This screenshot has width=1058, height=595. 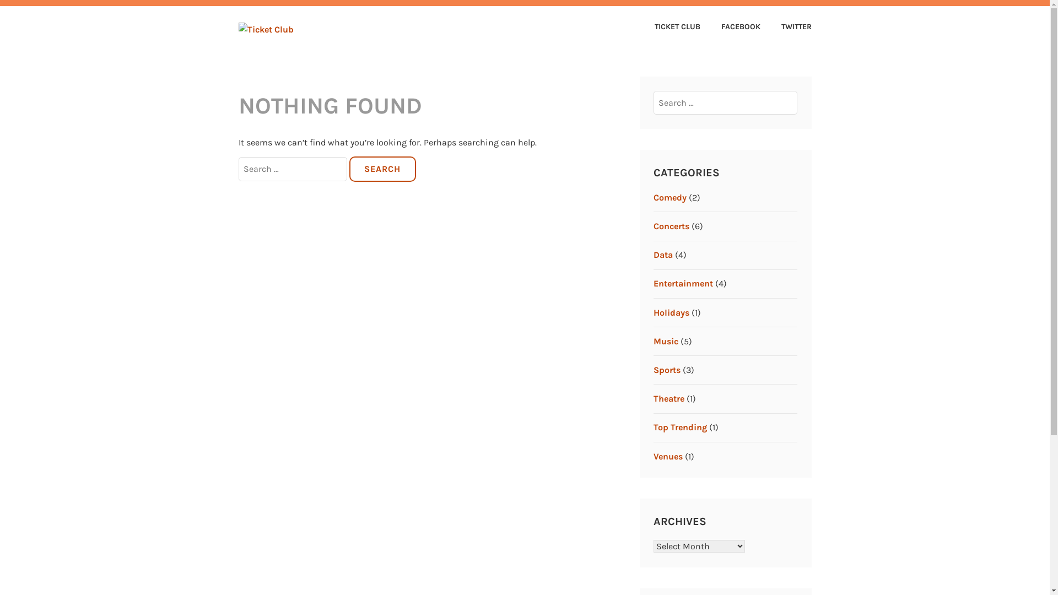 What do you see at coordinates (662, 255) in the screenshot?
I see `'Data'` at bounding box center [662, 255].